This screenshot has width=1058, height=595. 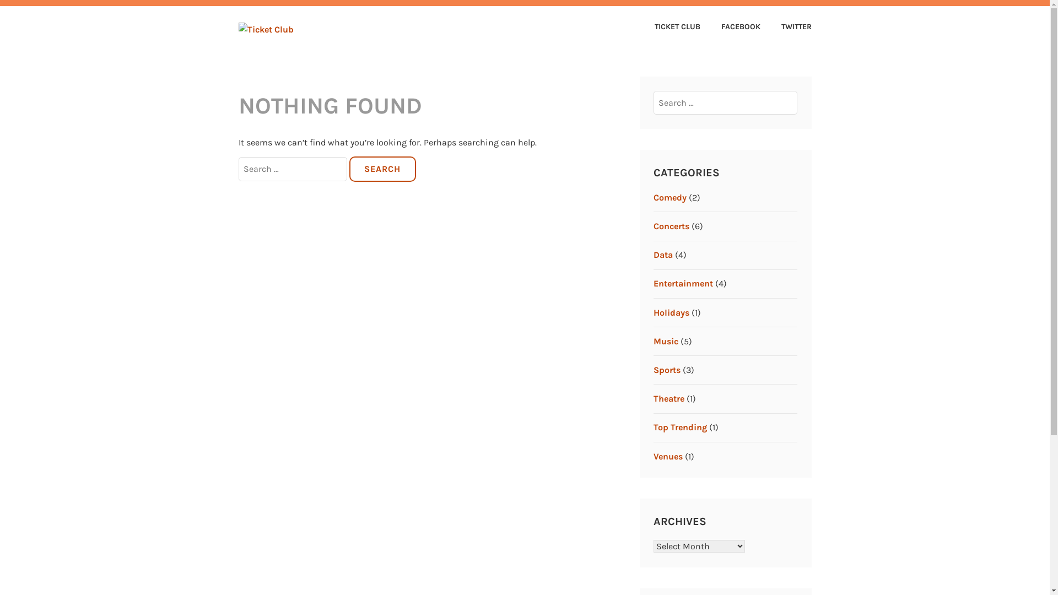 What do you see at coordinates (662, 255) in the screenshot?
I see `'Data'` at bounding box center [662, 255].